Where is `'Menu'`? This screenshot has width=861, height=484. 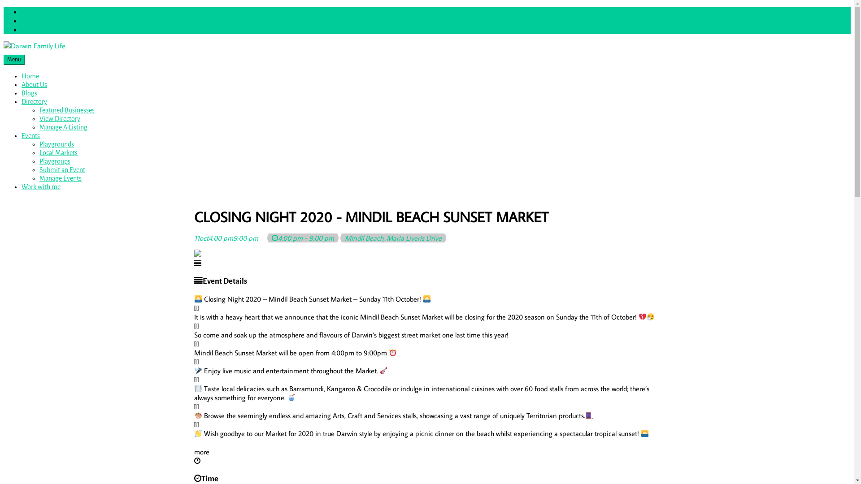
'Menu' is located at coordinates (4, 60).